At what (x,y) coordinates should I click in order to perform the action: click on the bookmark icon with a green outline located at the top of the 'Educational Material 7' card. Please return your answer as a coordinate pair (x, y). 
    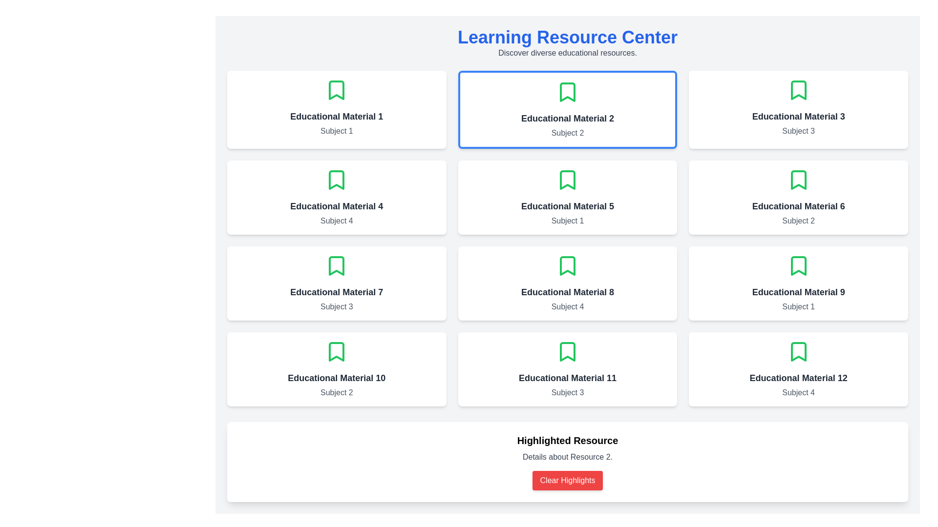
    Looking at the image, I should click on (337, 265).